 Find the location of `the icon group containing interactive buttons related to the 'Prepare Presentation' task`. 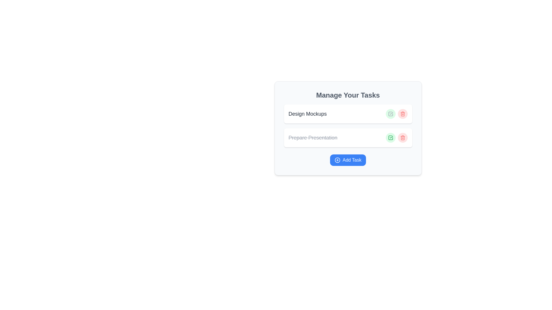

the icon group containing interactive buttons related to the 'Prepare Presentation' task is located at coordinates (396, 137).